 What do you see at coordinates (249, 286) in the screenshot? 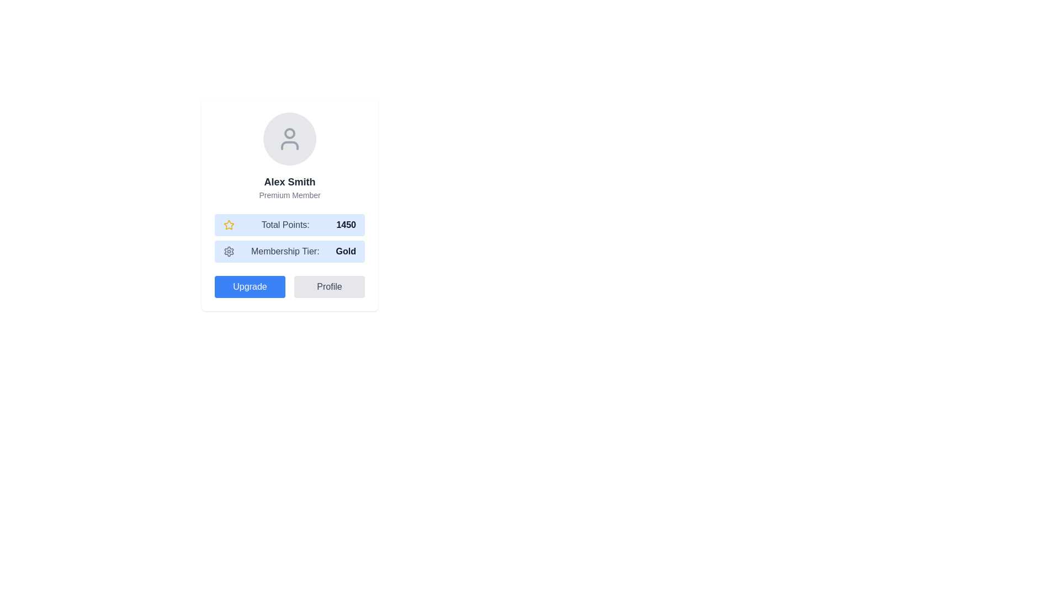
I see `the left button at the bottom of the card` at bounding box center [249, 286].